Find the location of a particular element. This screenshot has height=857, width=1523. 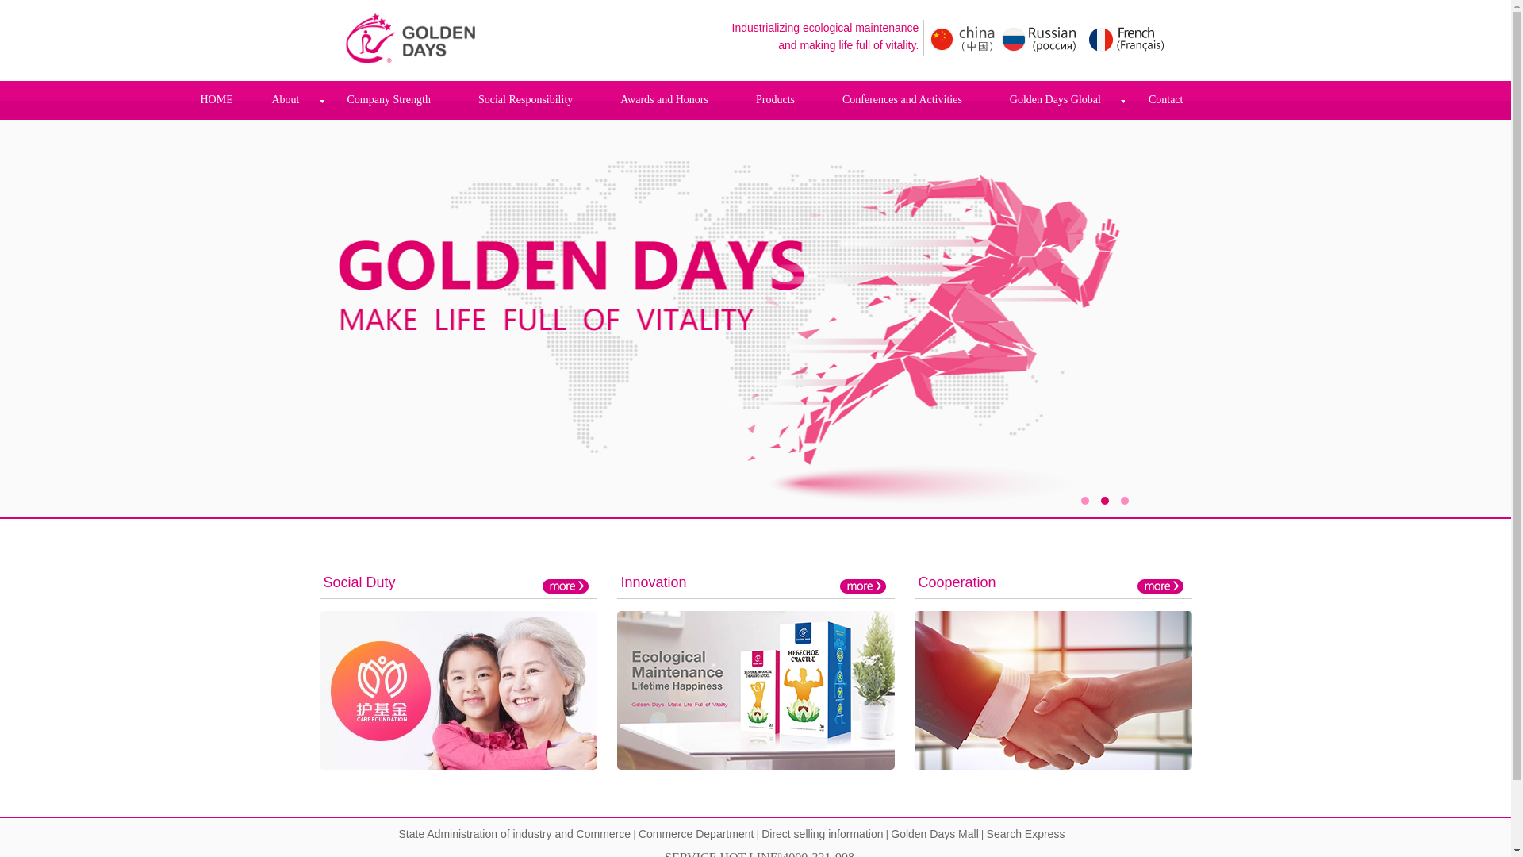

'HOME' is located at coordinates (215, 99).